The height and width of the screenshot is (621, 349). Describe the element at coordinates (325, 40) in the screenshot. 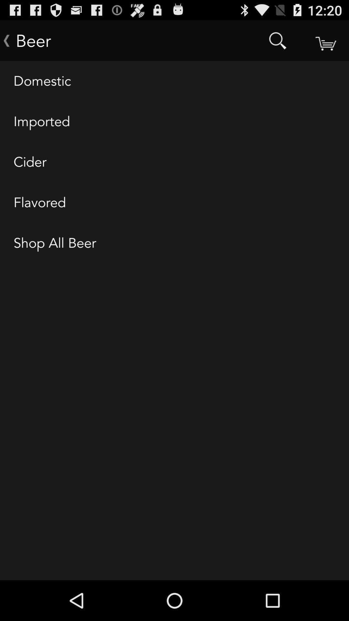

I see `directions` at that location.